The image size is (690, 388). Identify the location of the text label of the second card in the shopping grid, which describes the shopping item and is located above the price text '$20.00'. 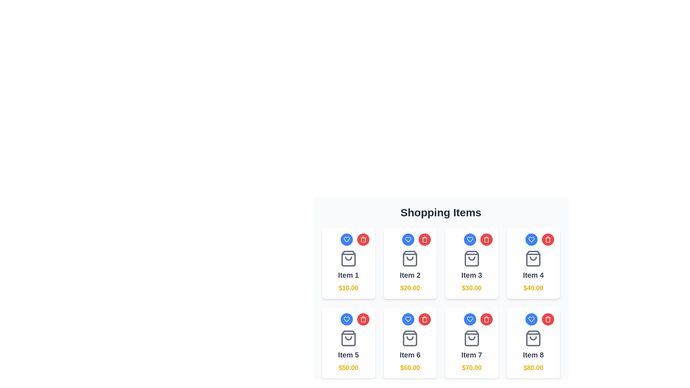
(410, 275).